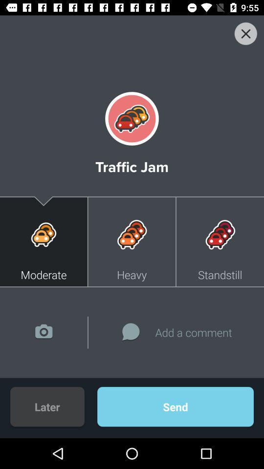 This screenshot has width=264, height=469. What do you see at coordinates (245, 34) in the screenshot?
I see `the close icon` at bounding box center [245, 34].